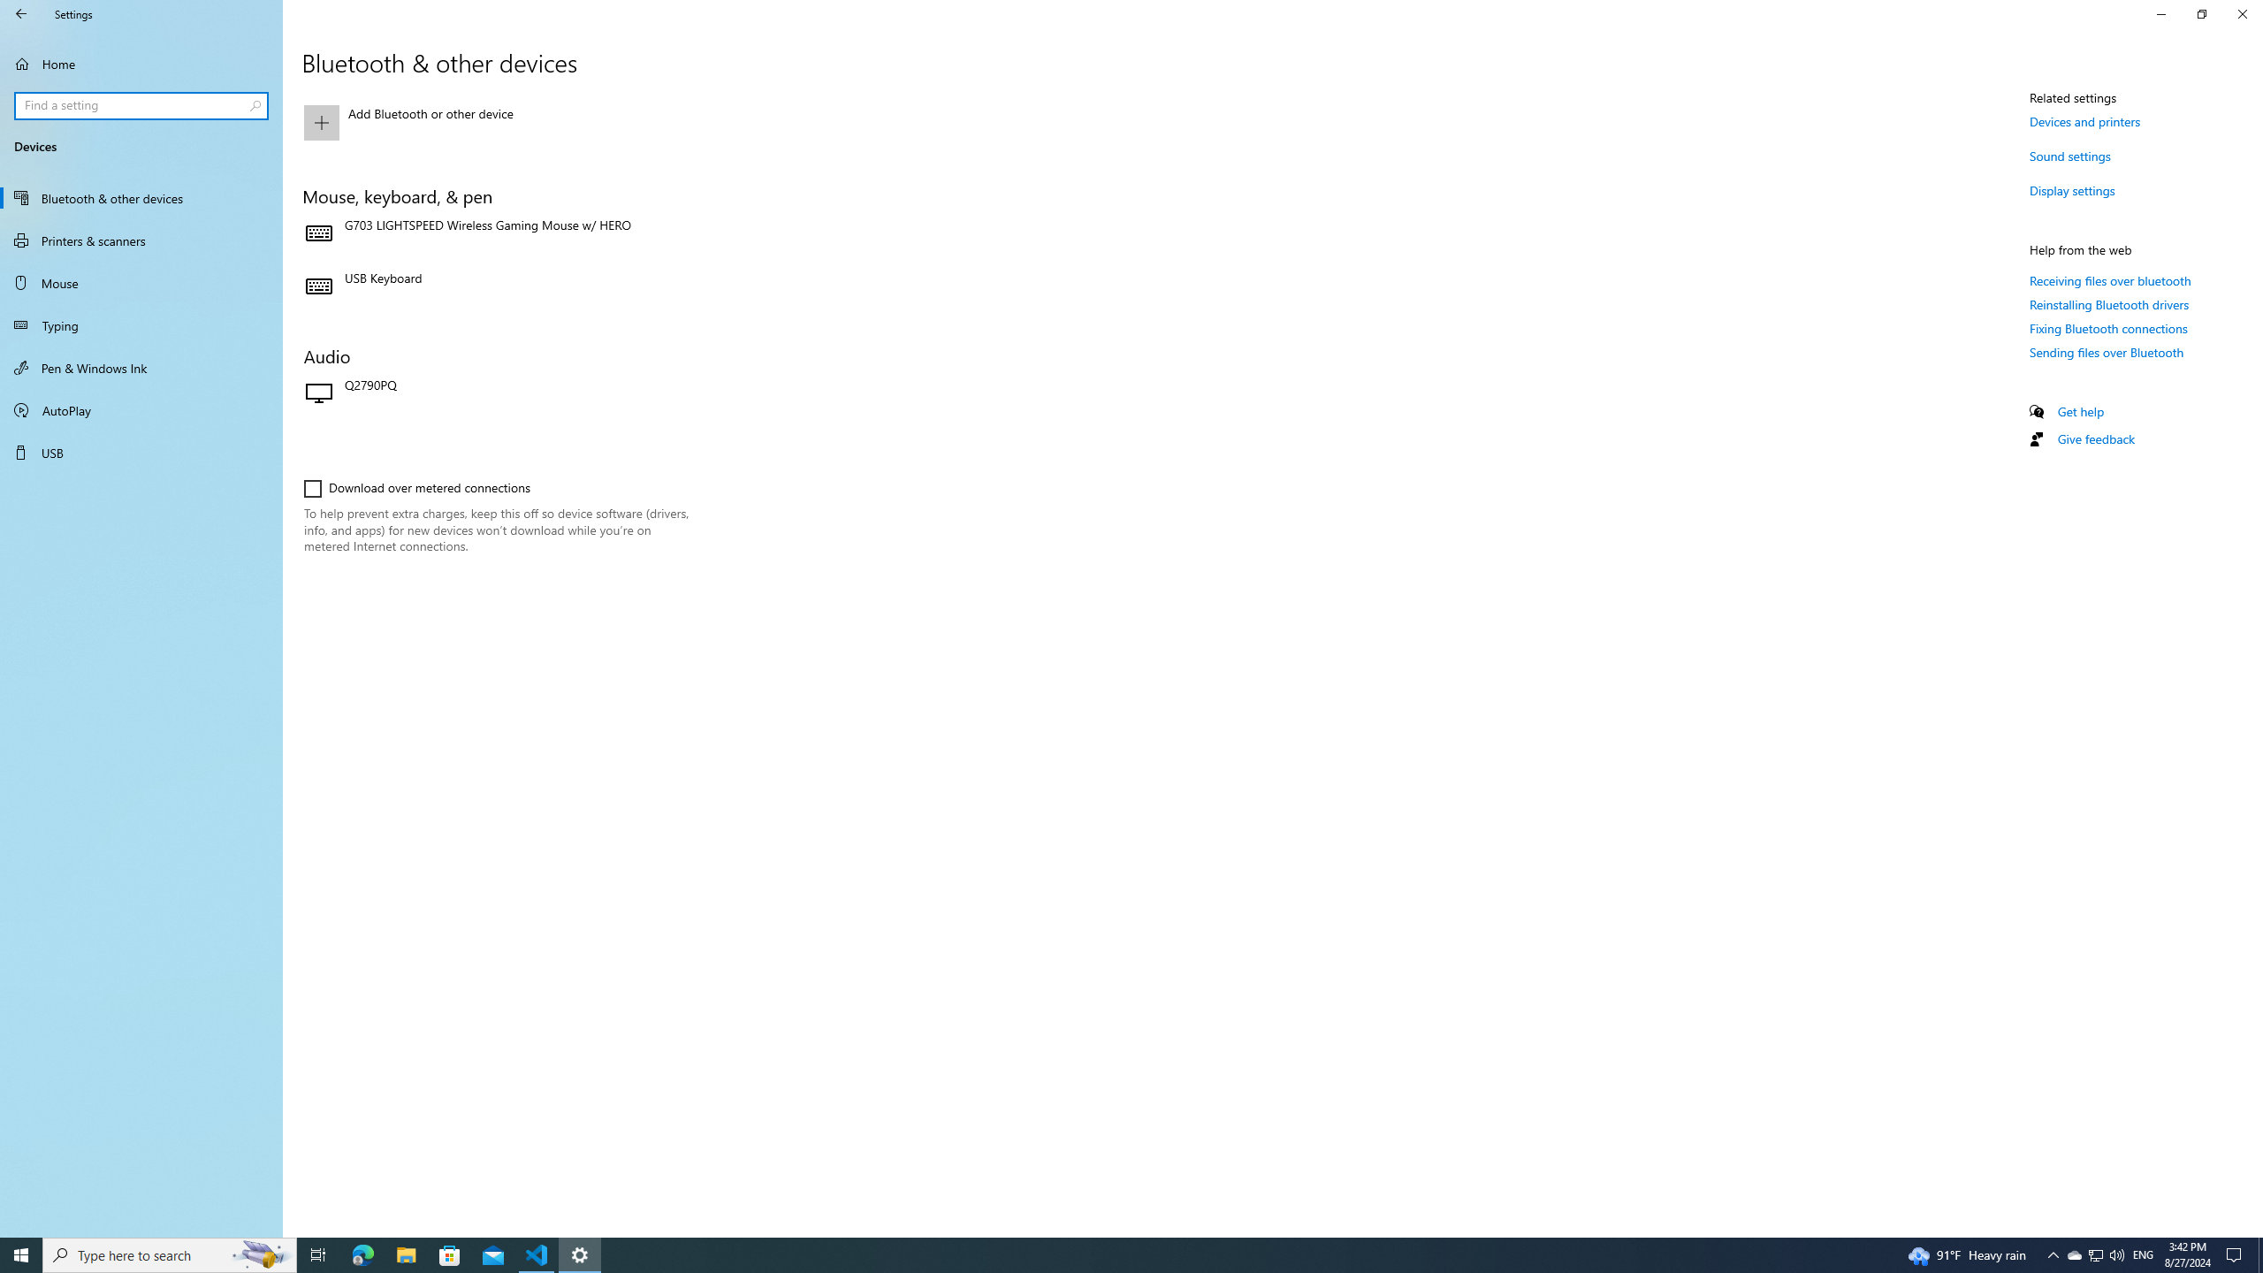 The height and width of the screenshot is (1273, 2263). Describe the element at coordinates (2201, 13) in the screenshot. I see `'Restore Settings'` at that location.